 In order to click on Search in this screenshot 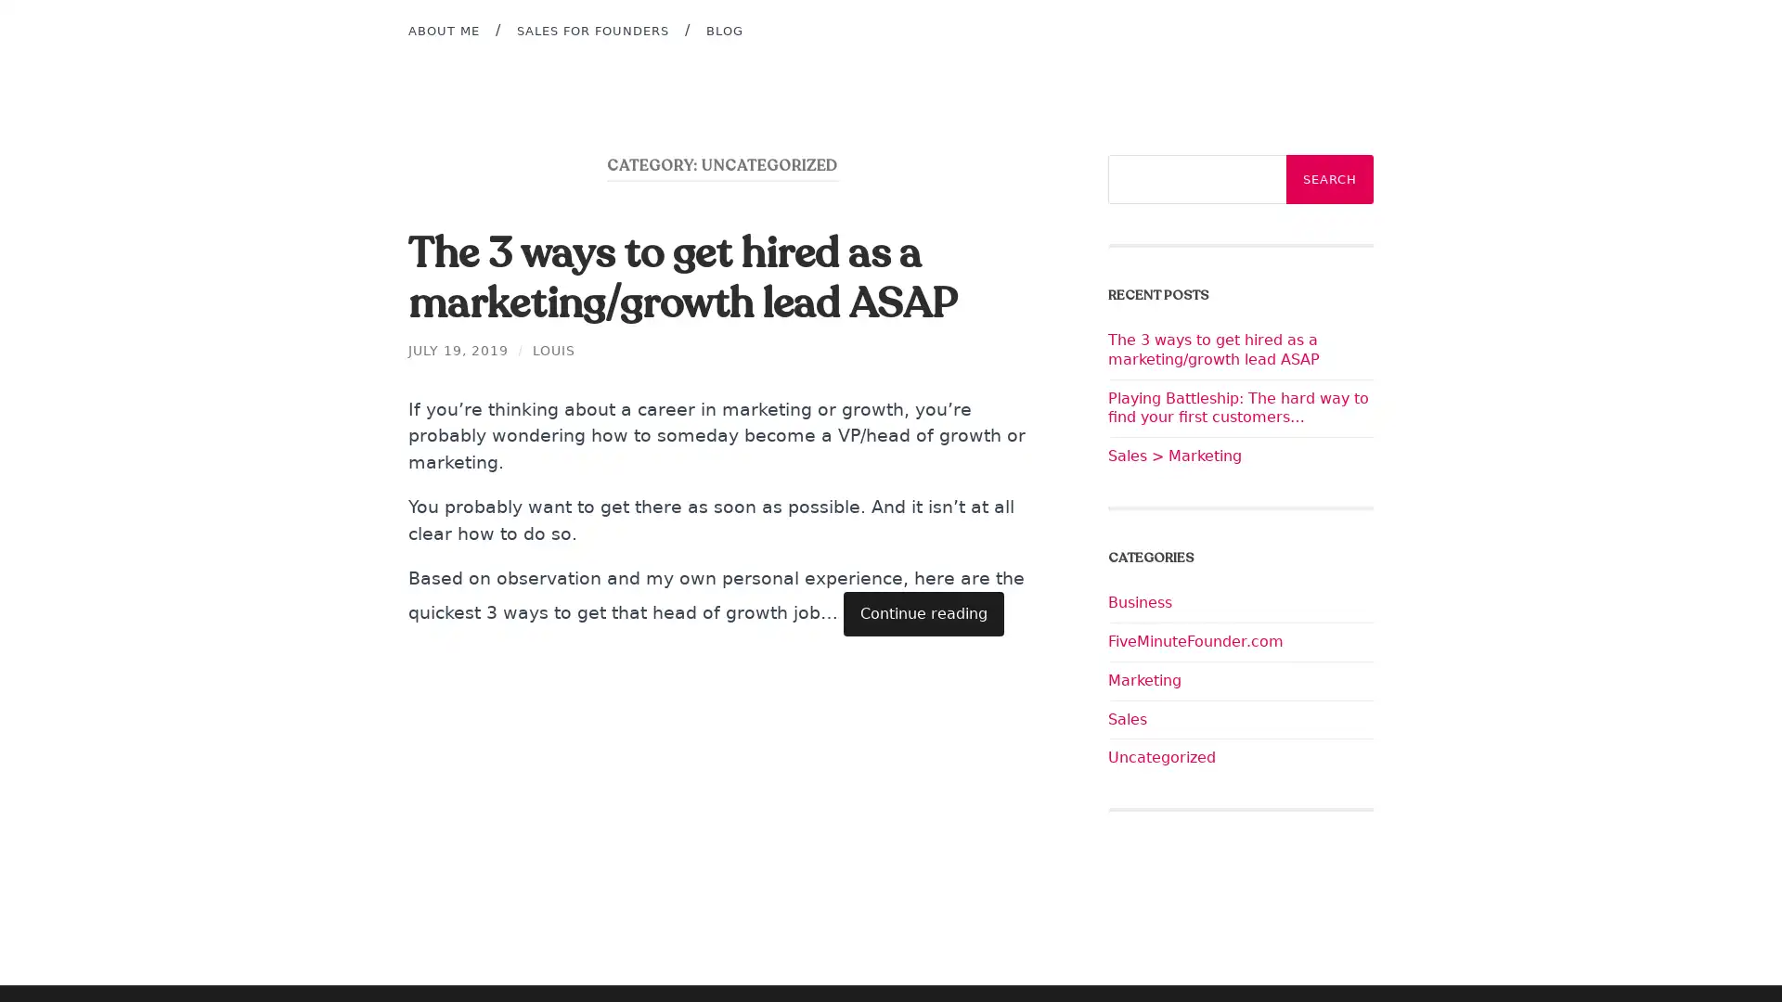, I will do `click(1329, 179)`.